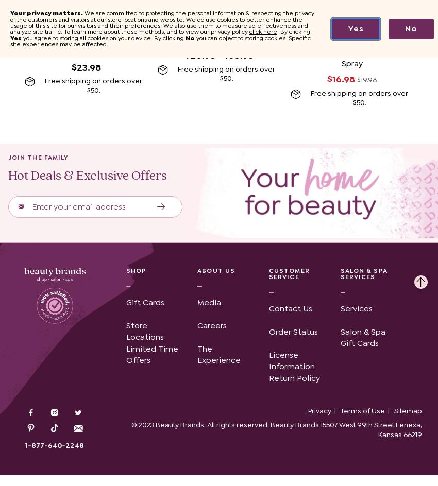 The height and width of the screenshot is (486, 438). Describe the element at coordinates (293, 331) in the screenshot. I see `'Order Status'` at that location.